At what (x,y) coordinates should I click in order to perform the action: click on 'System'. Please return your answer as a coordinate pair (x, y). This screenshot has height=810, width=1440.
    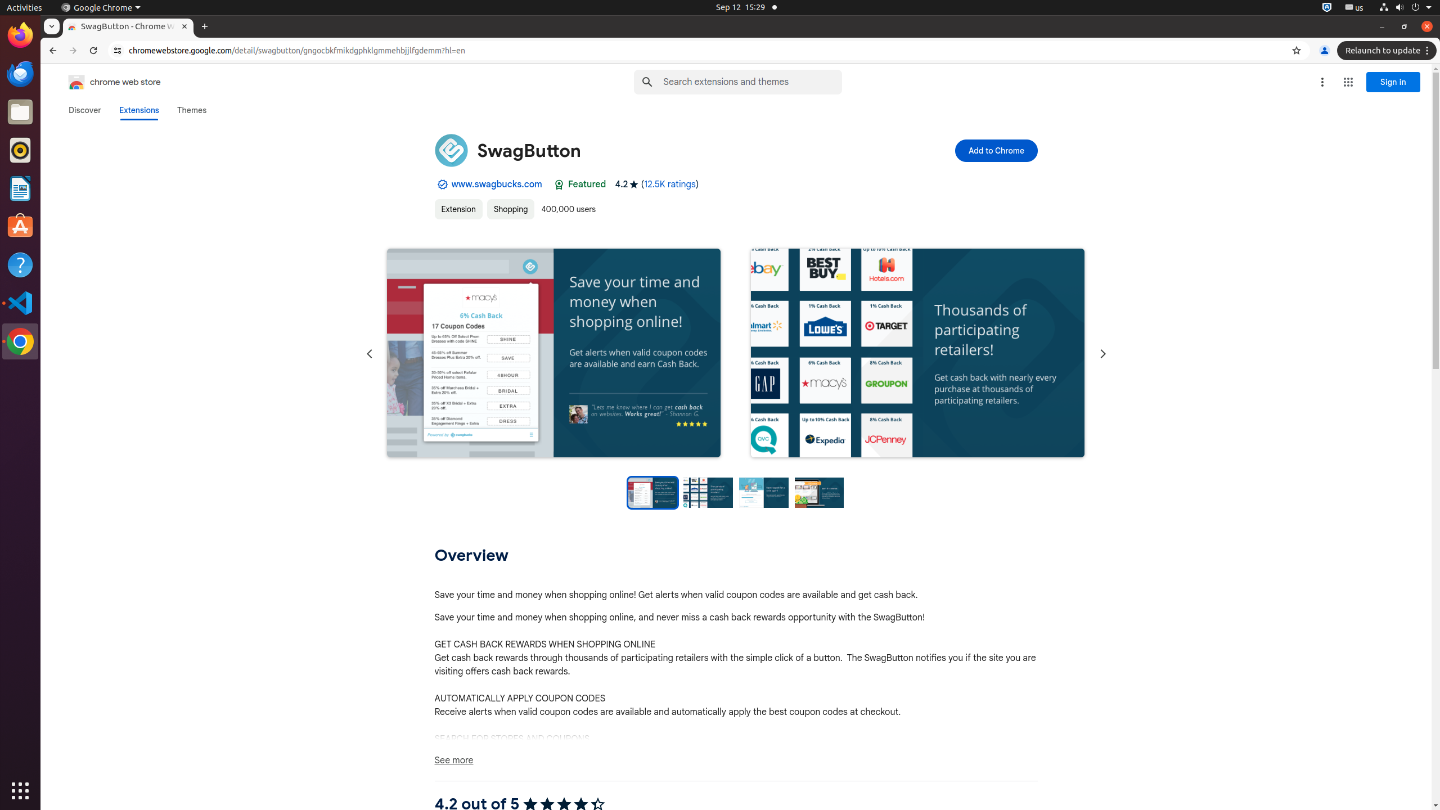
    Looking at the image, I should click on (1405, 7).